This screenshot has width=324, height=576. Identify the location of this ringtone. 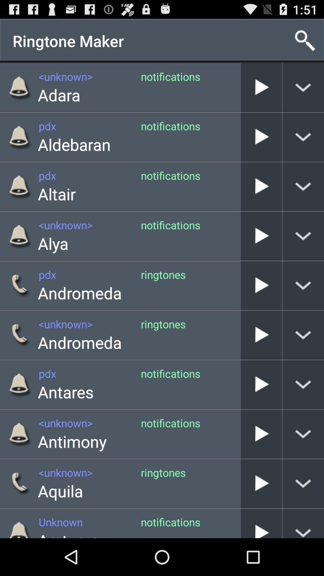
(261, 285).